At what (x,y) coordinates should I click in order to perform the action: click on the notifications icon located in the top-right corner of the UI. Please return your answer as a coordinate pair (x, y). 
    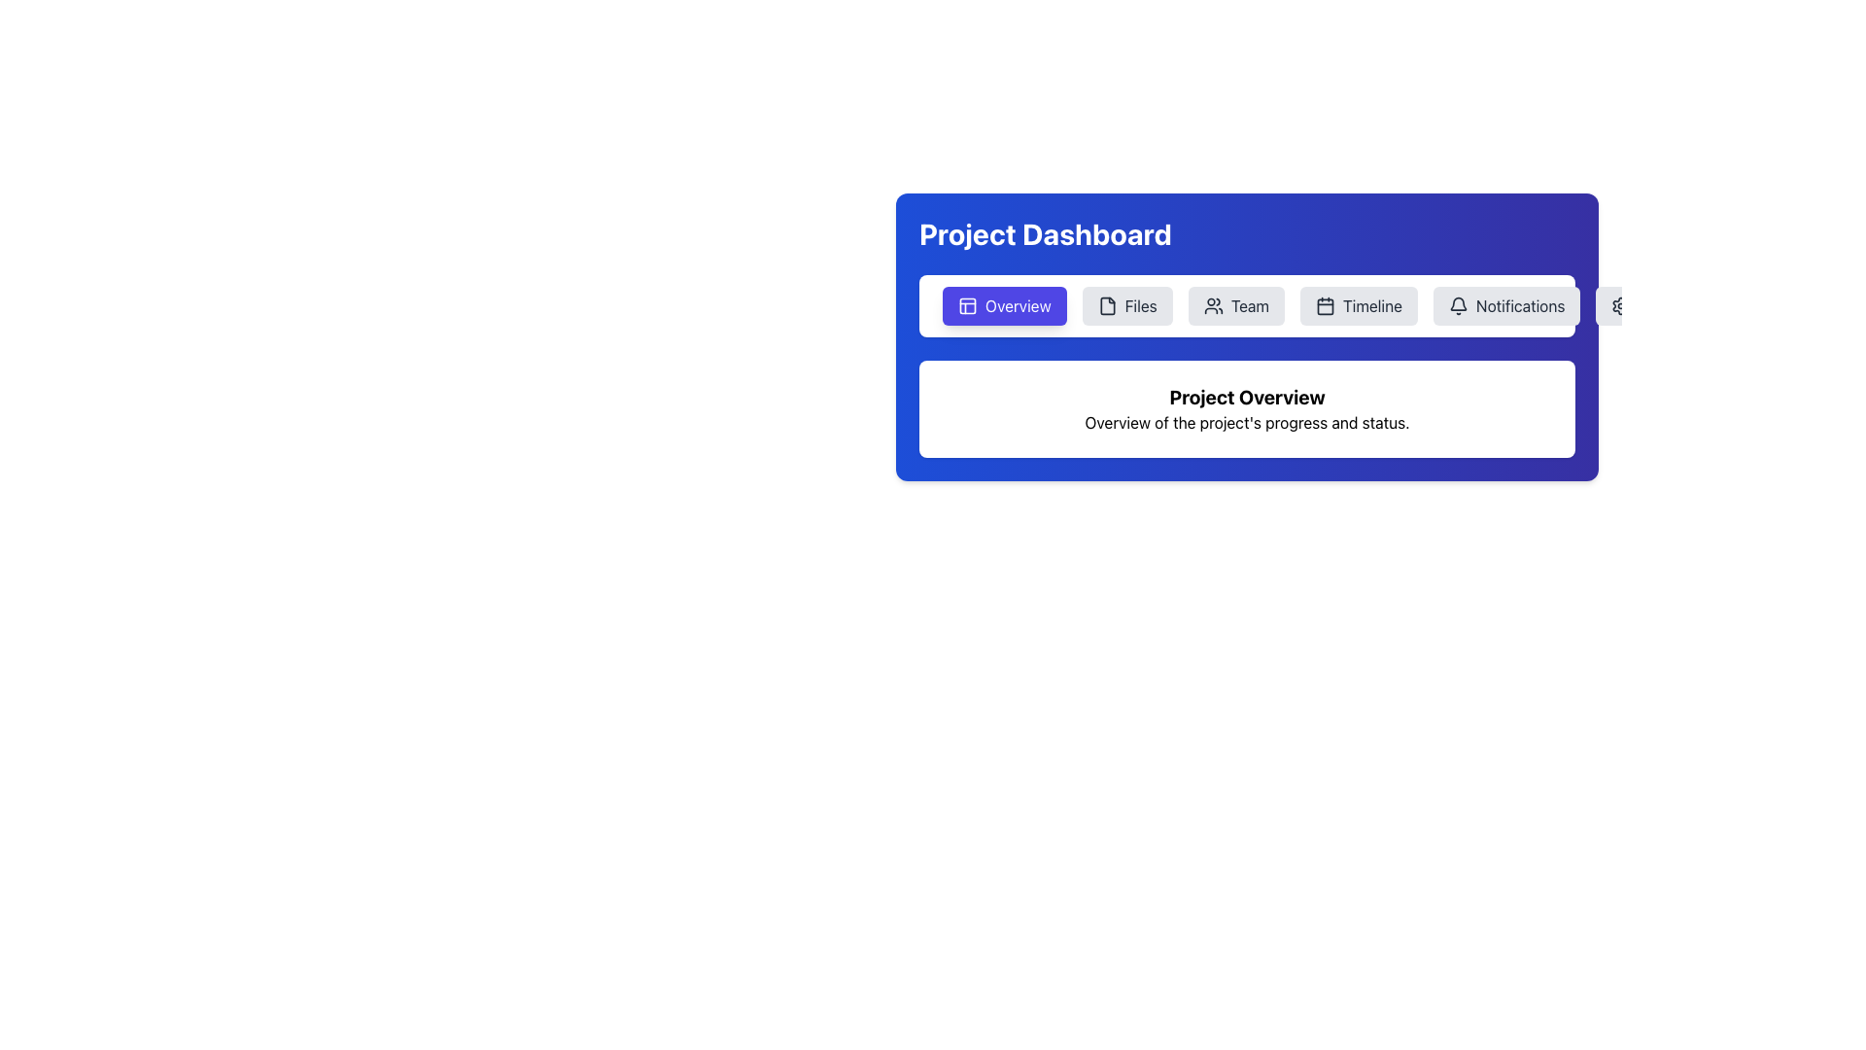
    Looking at the image, I should click on (1457, 303).